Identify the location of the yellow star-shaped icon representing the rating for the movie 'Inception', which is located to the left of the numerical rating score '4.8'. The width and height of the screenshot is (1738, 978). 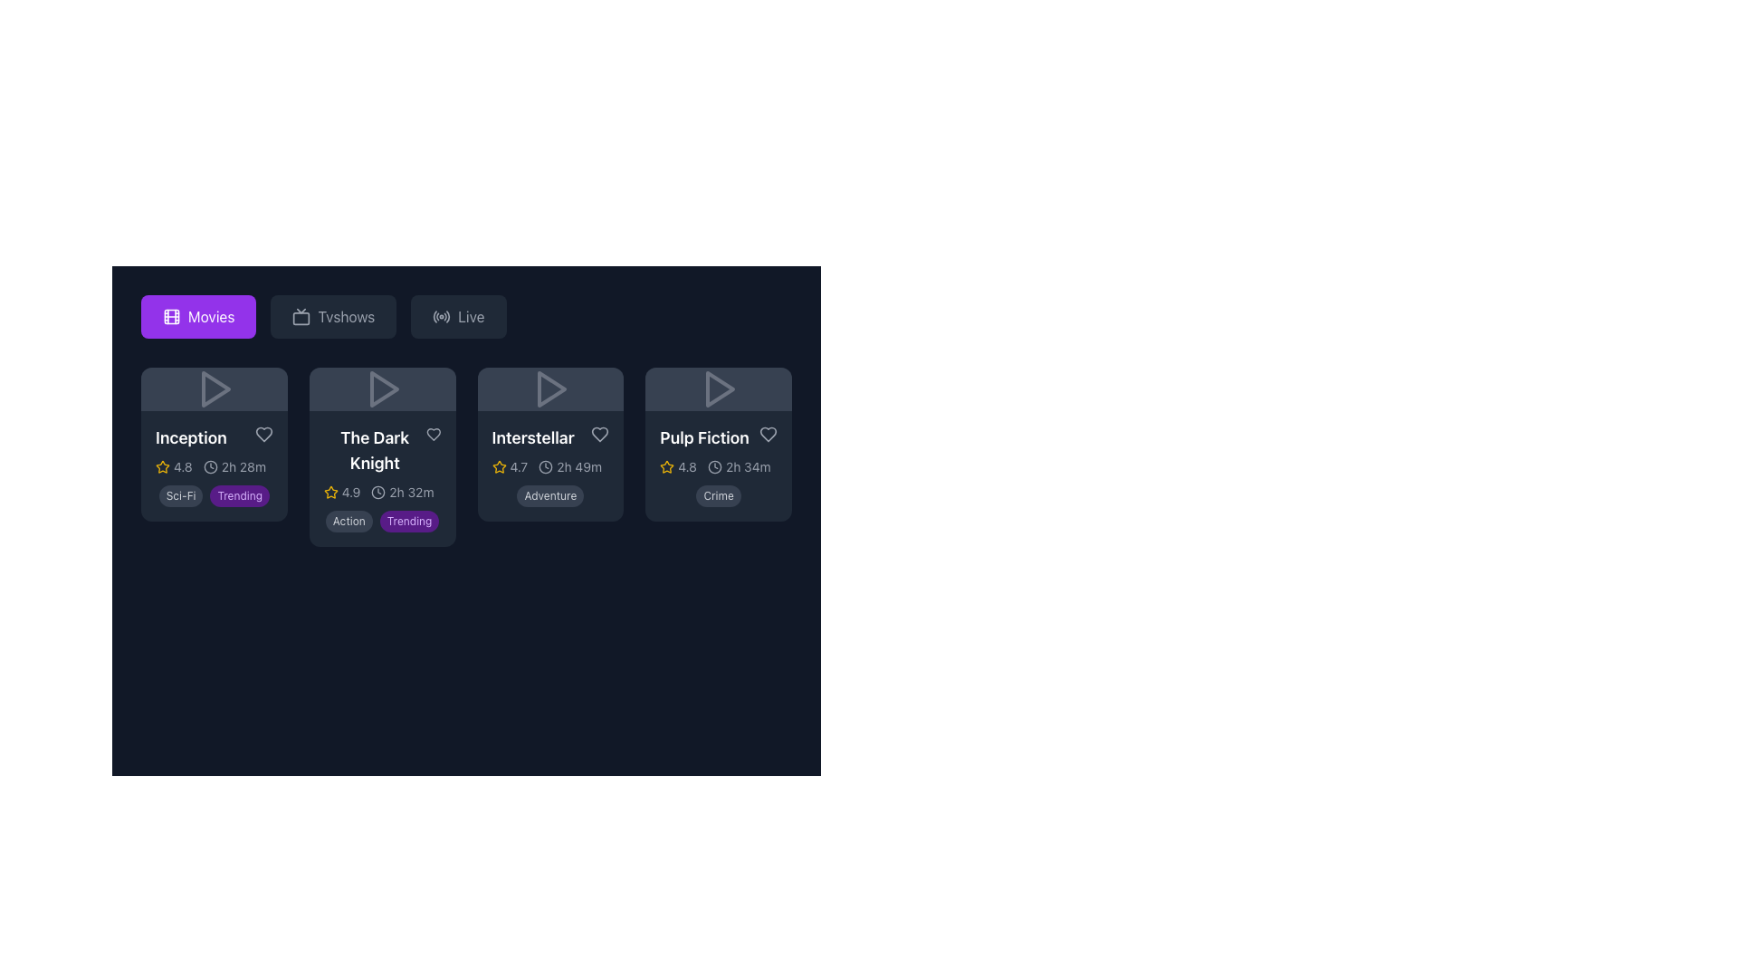
(163, 466).